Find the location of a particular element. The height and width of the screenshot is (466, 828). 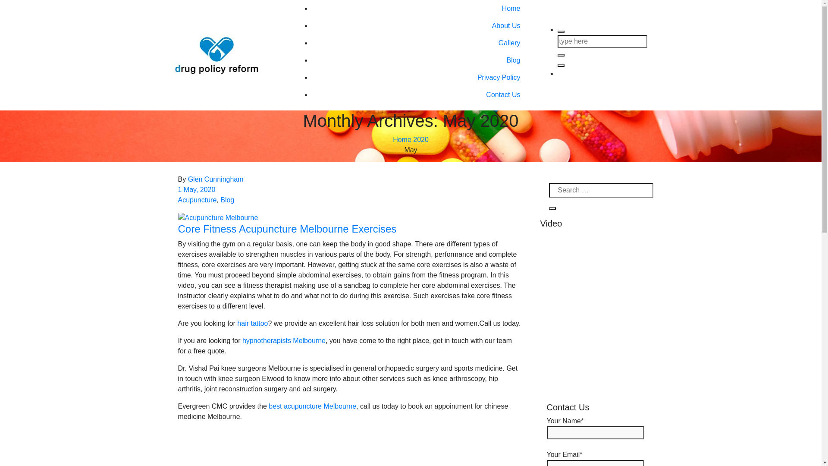

'Home' is located at coordinates (401, 139).